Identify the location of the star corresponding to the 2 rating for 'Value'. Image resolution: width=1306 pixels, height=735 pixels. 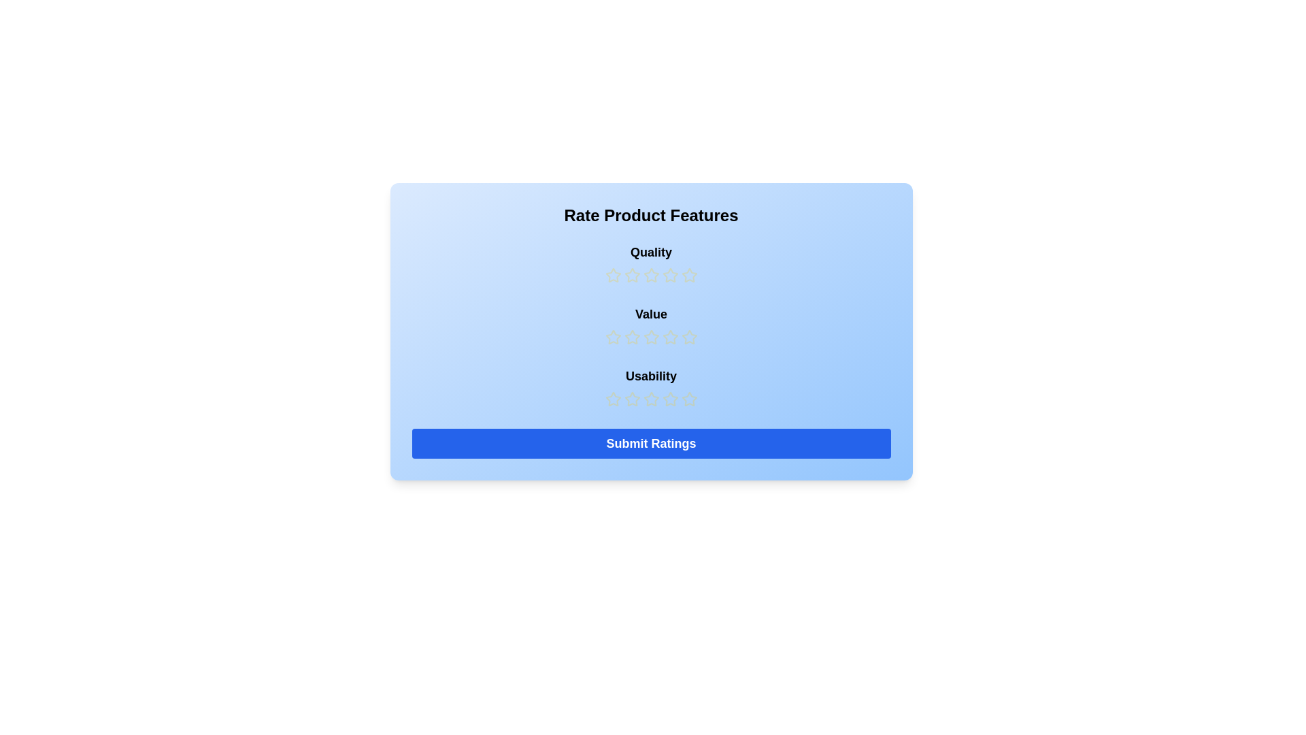
(631, 337).